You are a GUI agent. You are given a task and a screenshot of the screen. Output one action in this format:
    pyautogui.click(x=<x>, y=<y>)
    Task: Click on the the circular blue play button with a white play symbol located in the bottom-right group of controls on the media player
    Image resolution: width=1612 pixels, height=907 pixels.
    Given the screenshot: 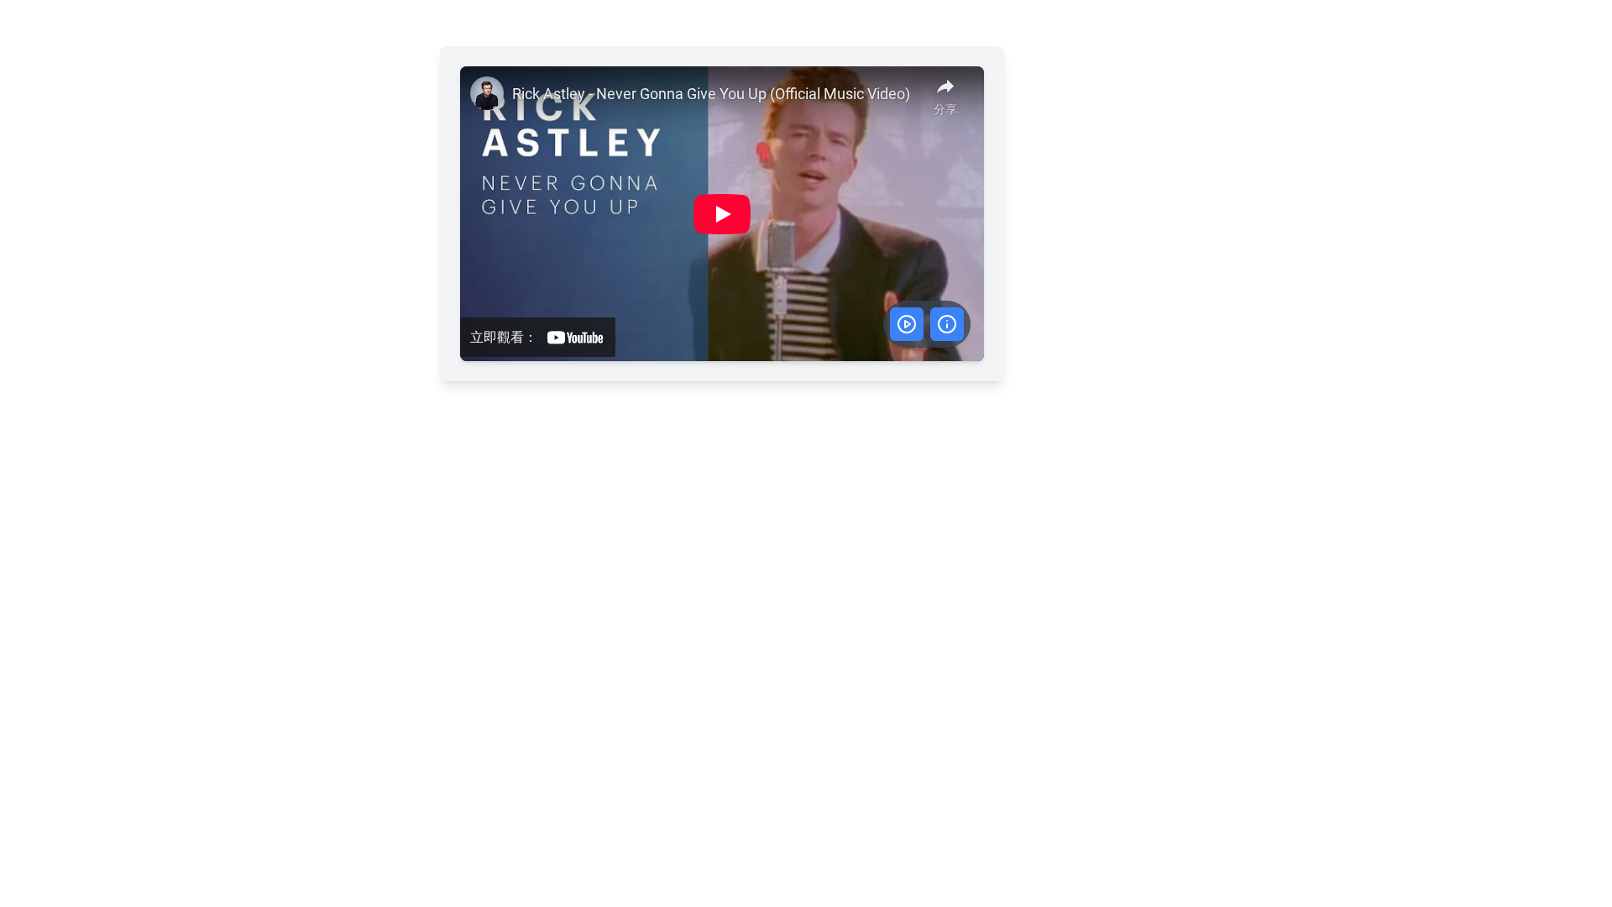 What is the action you would take?
    pyautogui.click(x=905, y=323)
    